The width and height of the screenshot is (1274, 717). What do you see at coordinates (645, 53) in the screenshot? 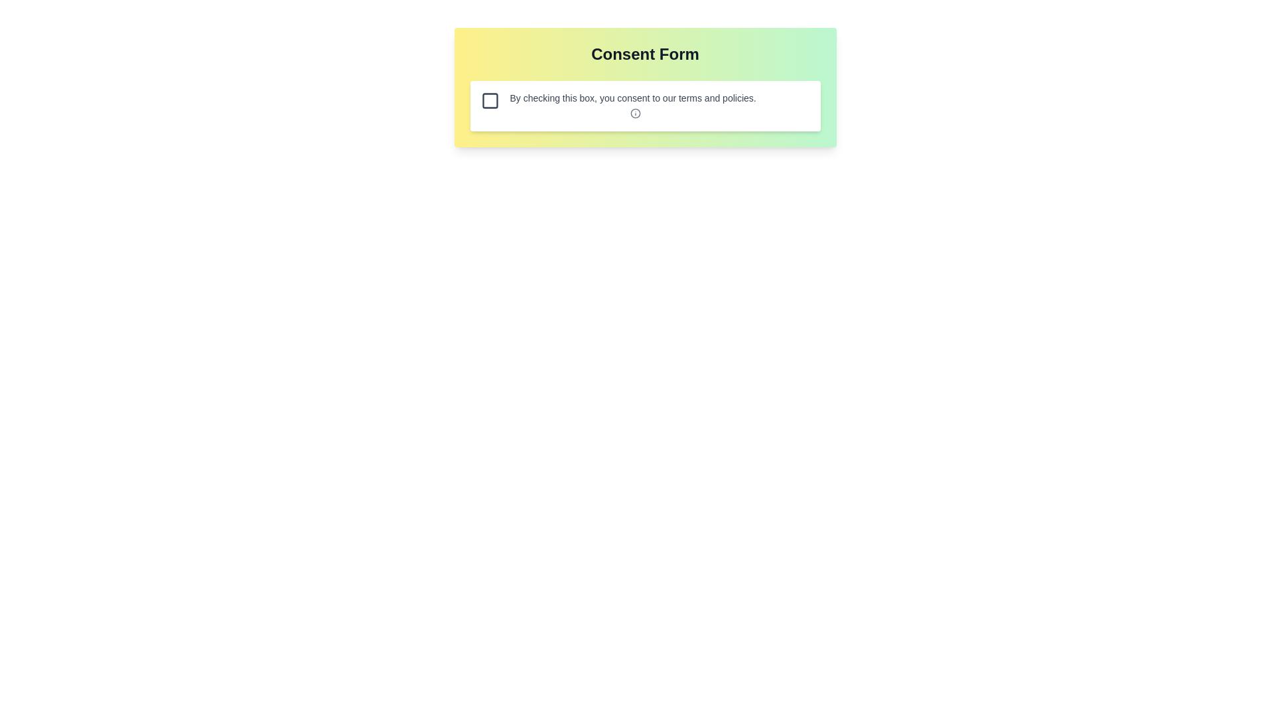
I see `the text header displaying the title 'Consent Form', which is styled in bold and large font and is centered within a gradient background` at bounding box center [645, 53].